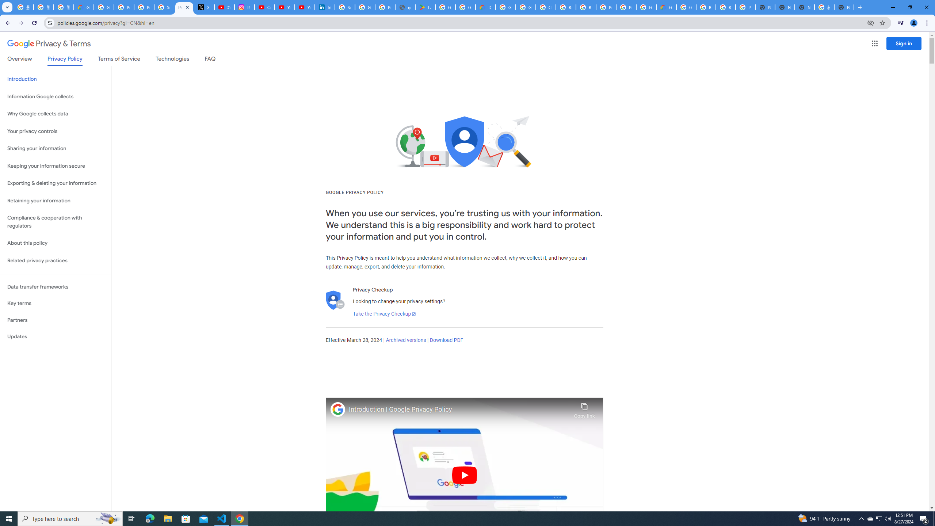 This screenshot has width=935, height=526. Describe the element at coordinates (55, 131) in the screenshot. I see `'Your privacy controls'` at that location.